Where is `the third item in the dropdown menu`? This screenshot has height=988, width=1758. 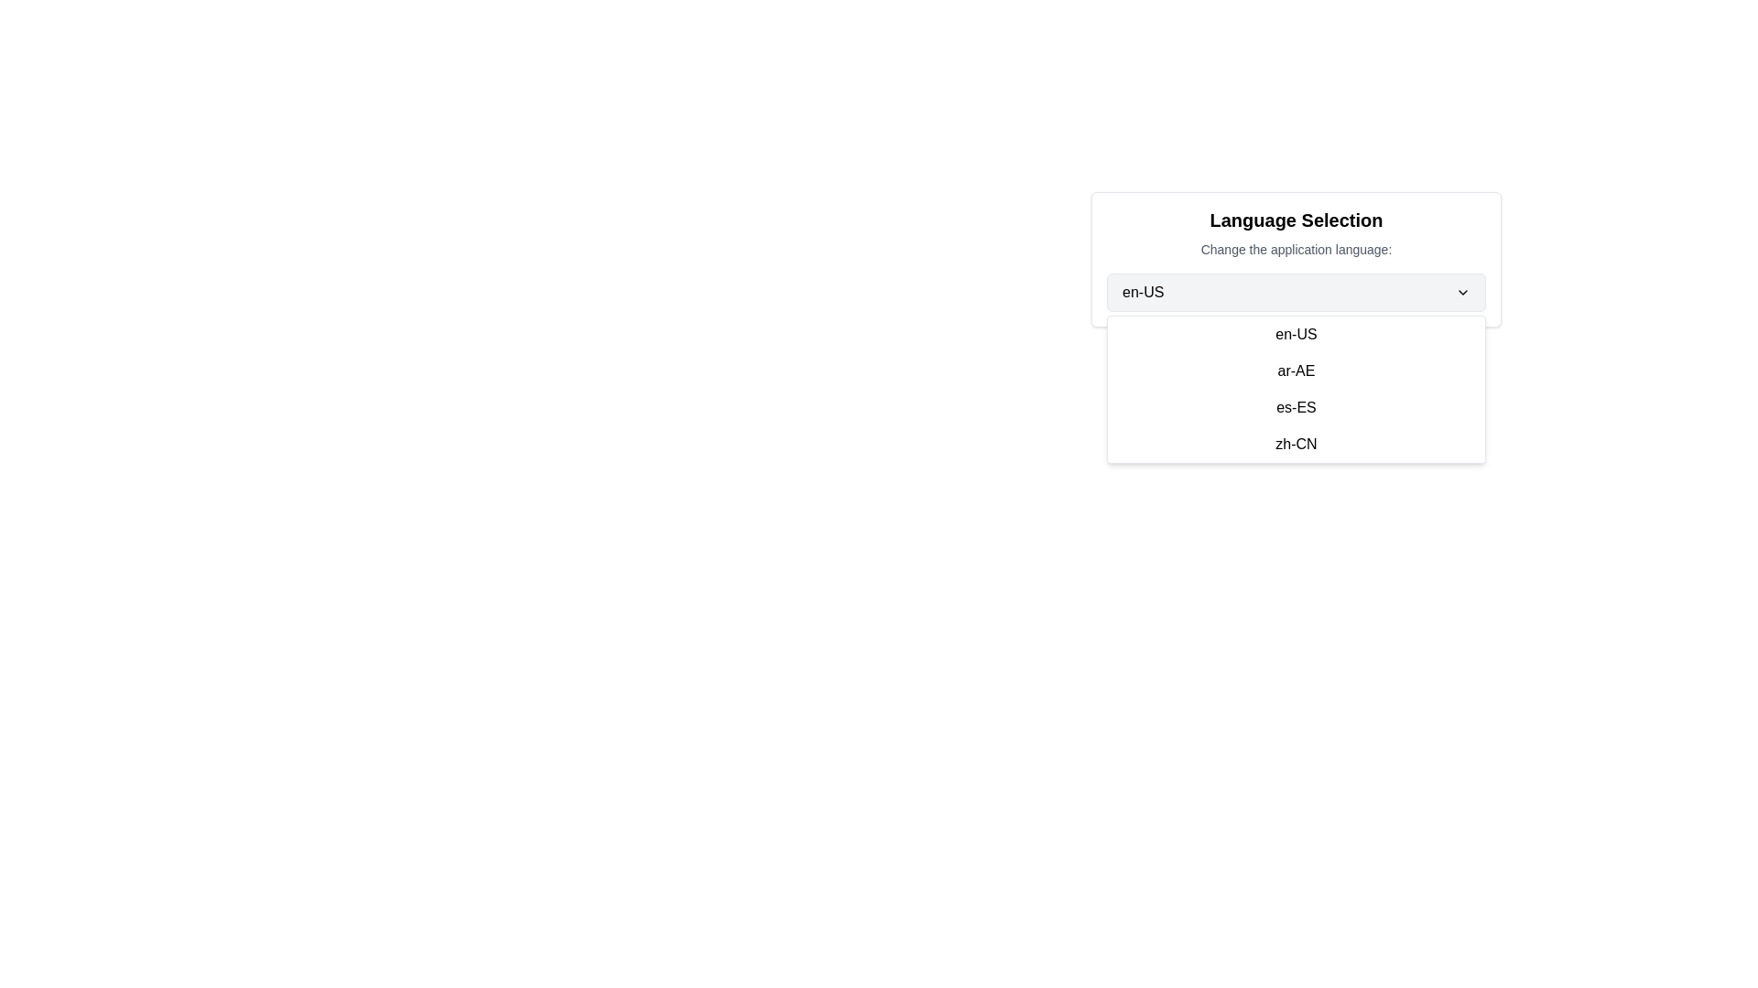
the third item in the dropdown menu is located at coordinates (1296, 407).